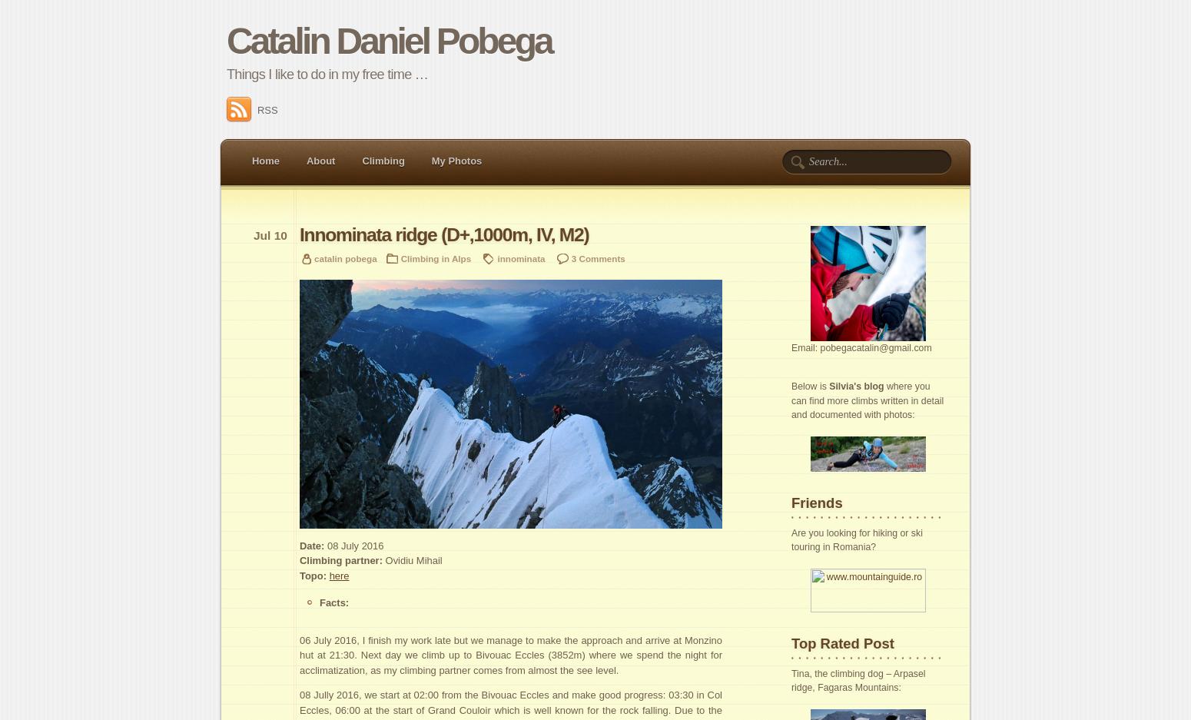  What do you see at coordinates (856, 539) in the screenshot?
I see `'Are you looking for hiking or ski touring in Romania?'` at bounding box center [856, 539].